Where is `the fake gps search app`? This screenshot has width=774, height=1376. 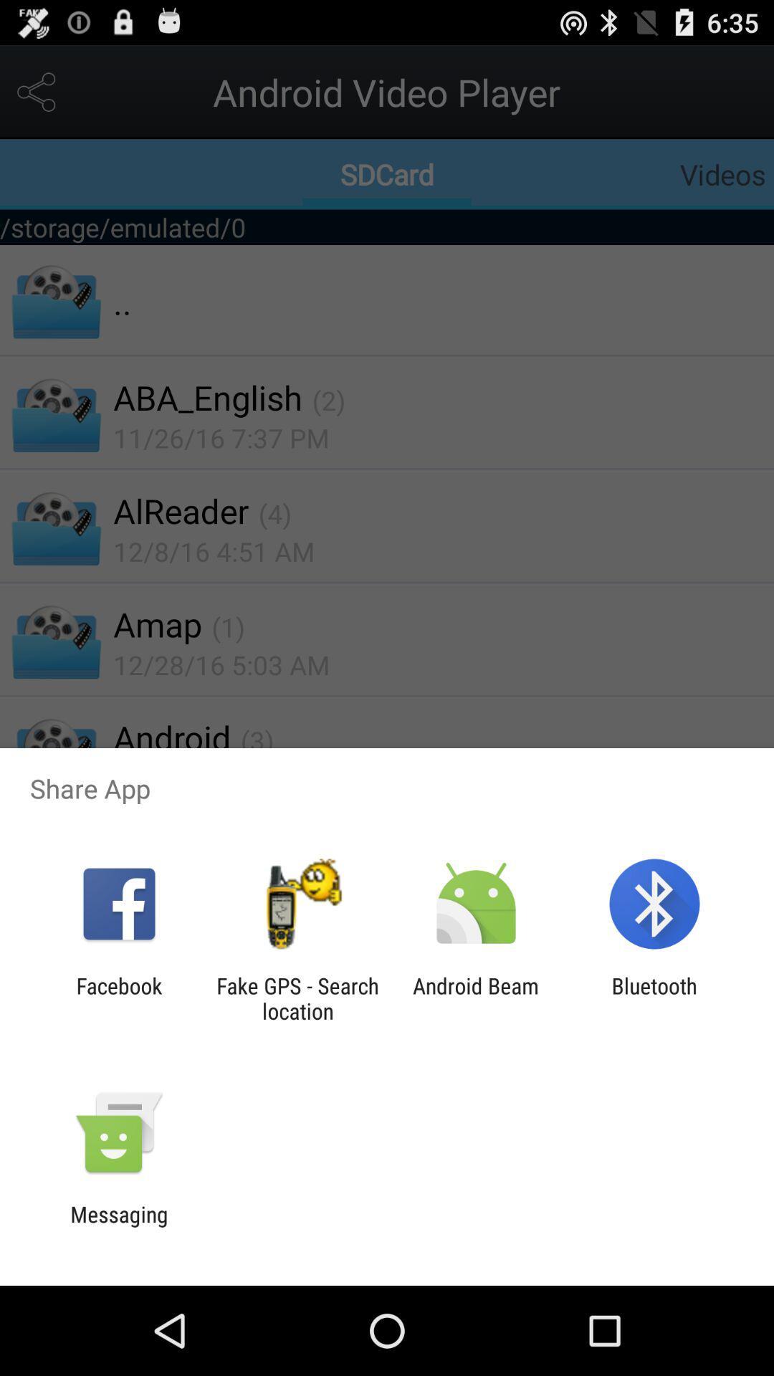
the fake gps search app is located at coordinates (297, 998).